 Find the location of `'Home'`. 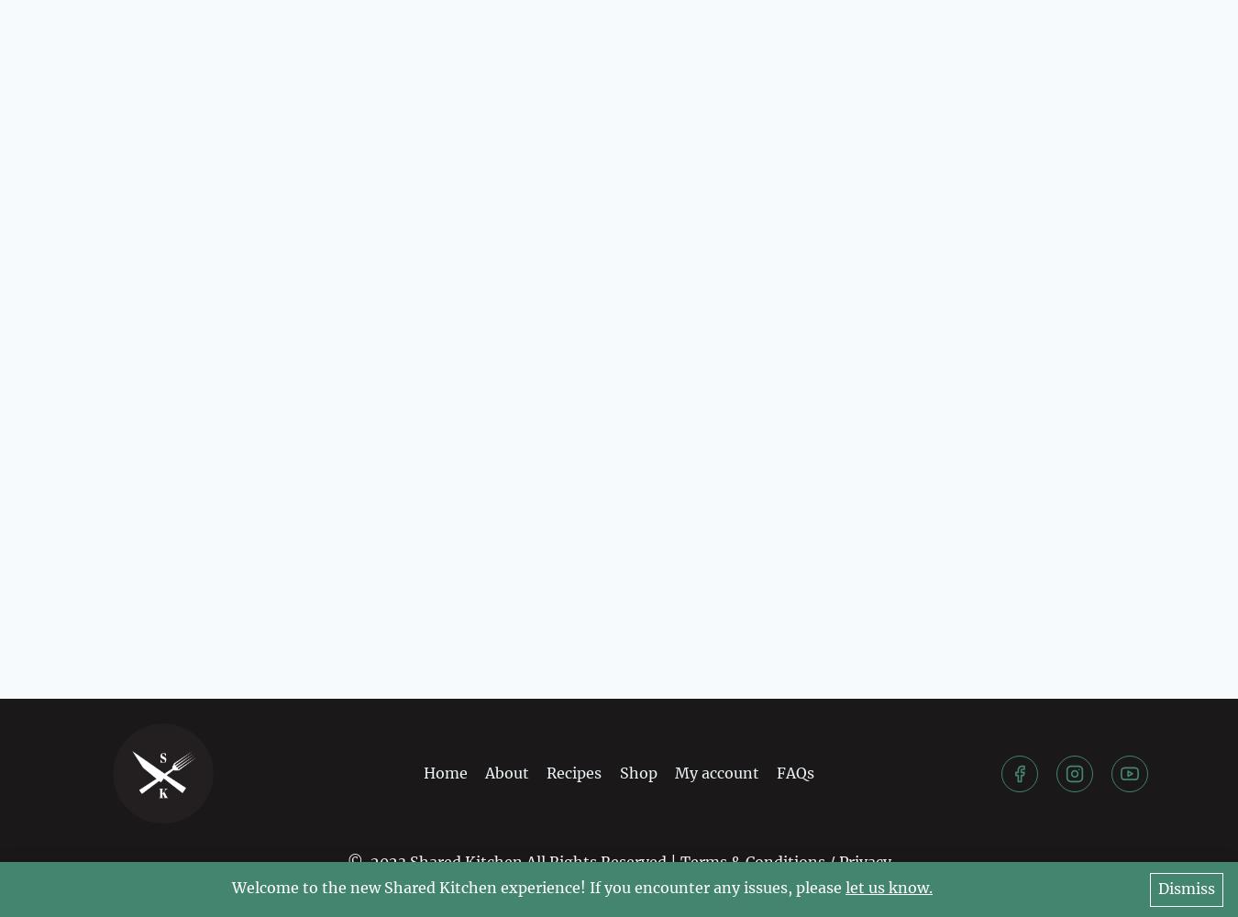

'Home' is located at coordinates (445, 771).